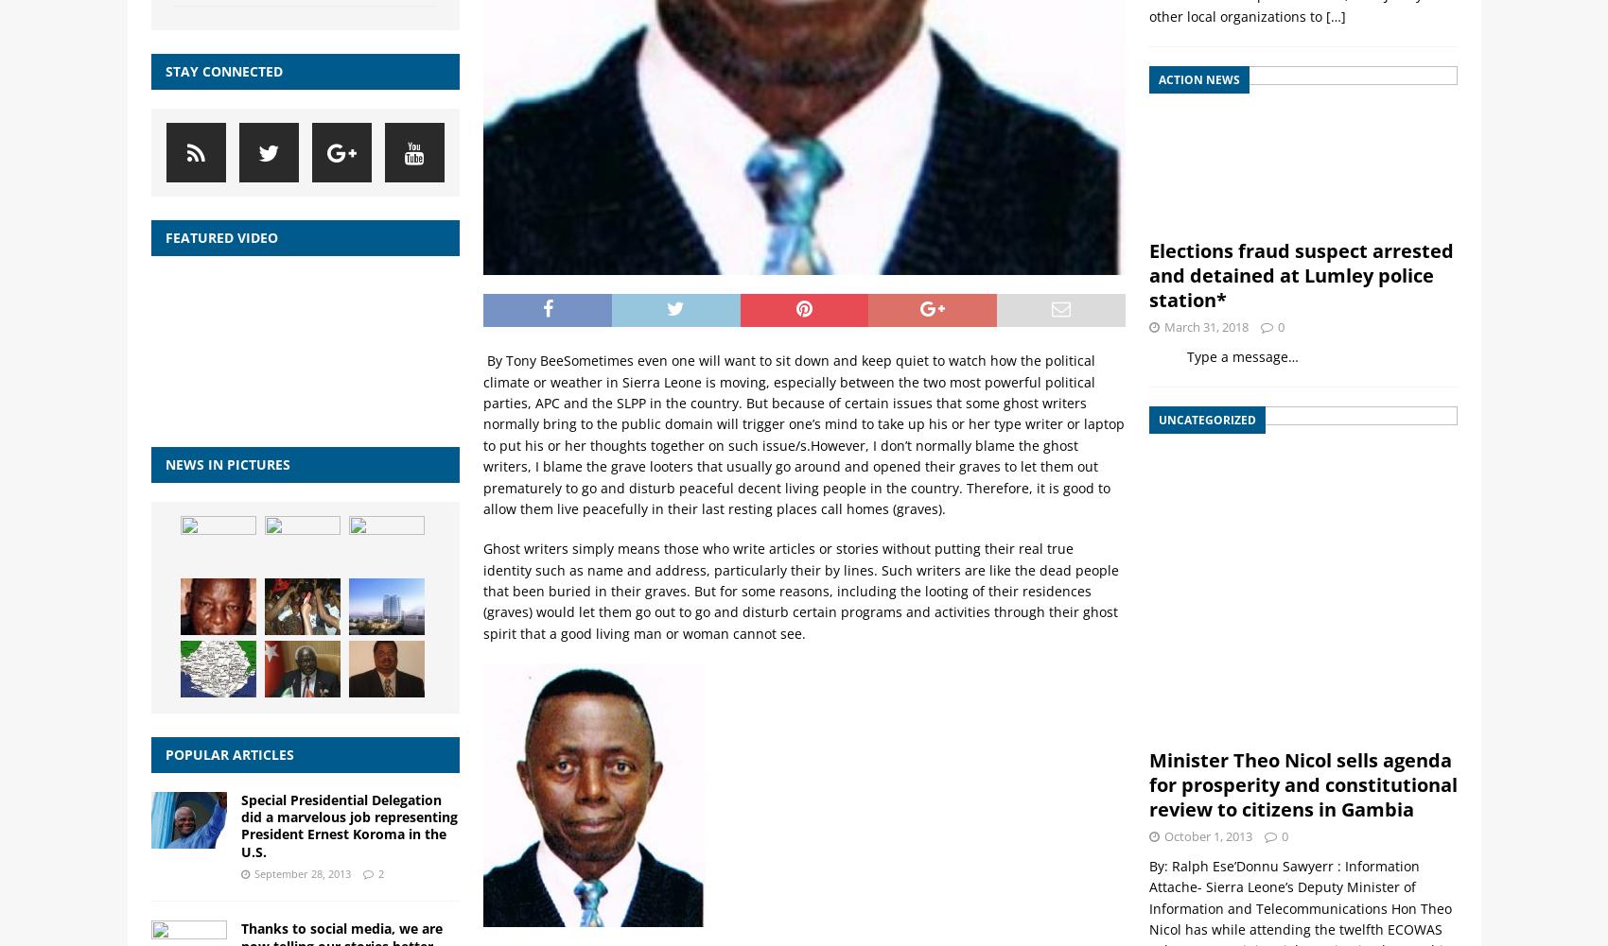  What do you see at coordinates (164, 69) in the screenshot?
I see `'STAY CONNECTED'` at bounding box center [164, 69].